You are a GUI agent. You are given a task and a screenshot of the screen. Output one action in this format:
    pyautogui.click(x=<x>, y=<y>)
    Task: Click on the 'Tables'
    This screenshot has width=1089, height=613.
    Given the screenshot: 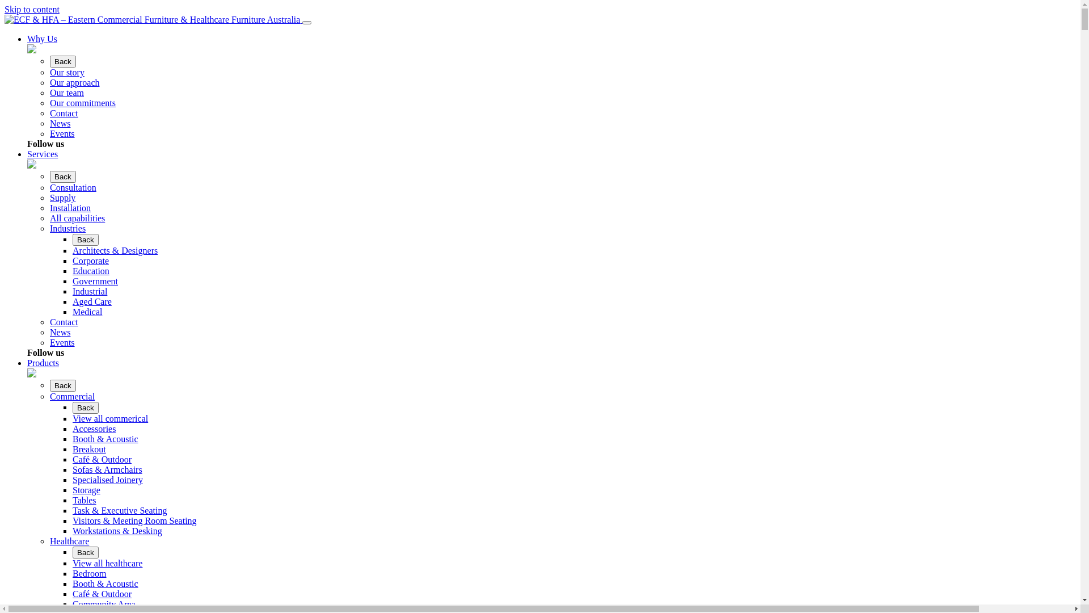 What is the action you would take?
    pyautogui.click(x=72, y=499)
    